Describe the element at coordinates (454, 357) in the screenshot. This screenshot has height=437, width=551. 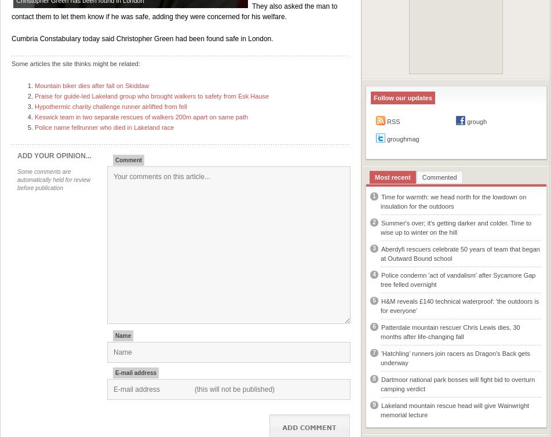
I see `''Hatchling' runners join racers as Dragon's Back gets underway'` at that location.